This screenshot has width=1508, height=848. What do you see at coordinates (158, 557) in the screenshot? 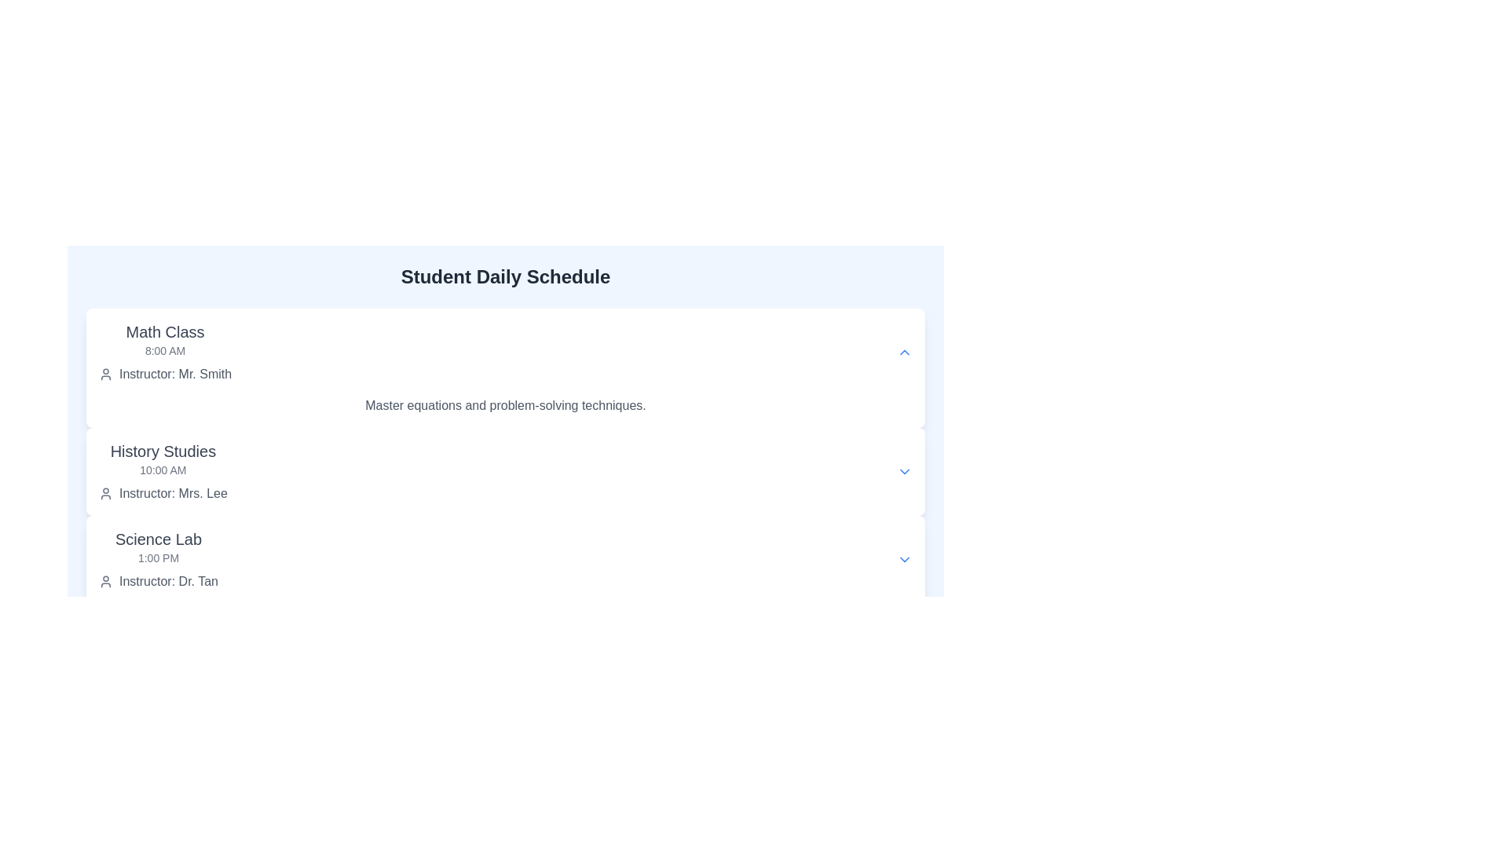
I see `the timestamp text '1:00 PM' displayed in a small gray font located in the 'Science Lab' section of the schedule, which is directly below the section title 'Science Lab'` at bounding box center [158, 557].